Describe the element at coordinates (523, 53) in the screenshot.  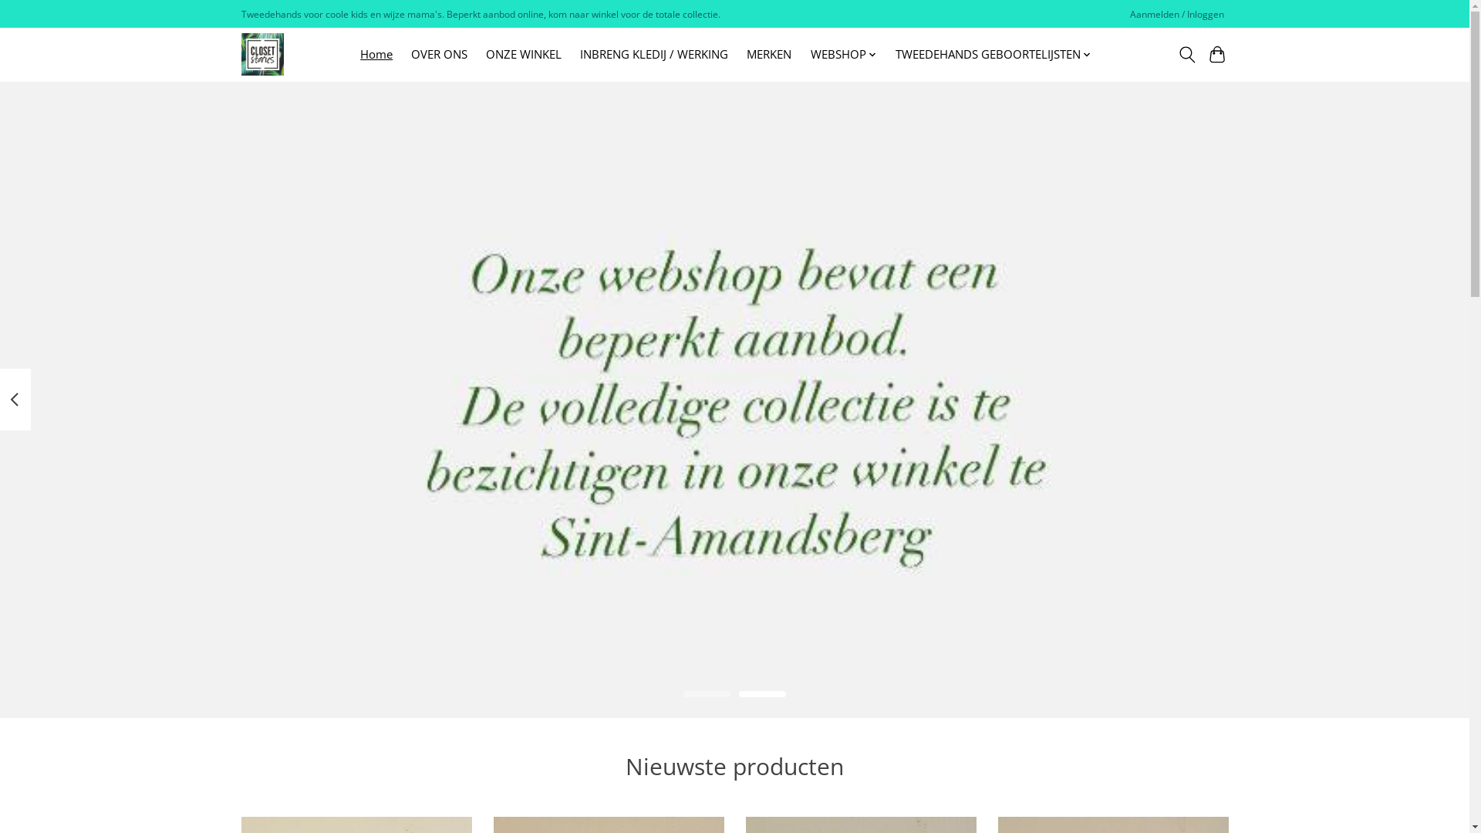
I see `'ONZE WINKEL'` at that location.